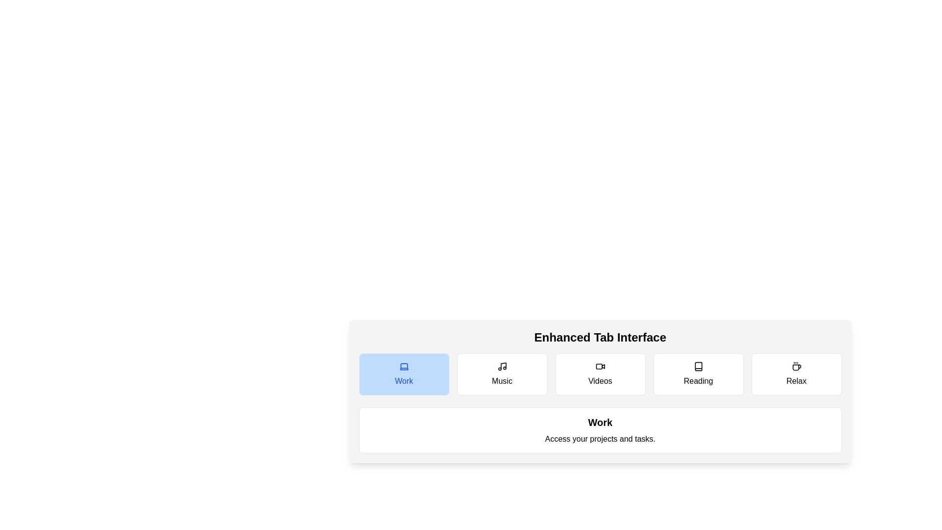 The image size is (942, 530). I want to click on the tab button labeled Reading to observe its hover effect, so click(698, 374).